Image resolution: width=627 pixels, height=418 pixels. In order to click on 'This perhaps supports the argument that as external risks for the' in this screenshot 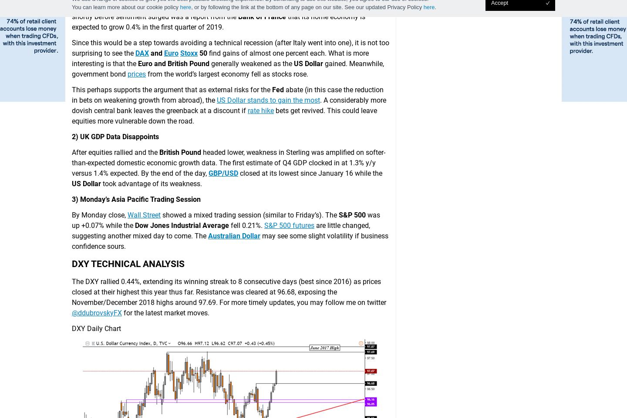, I will do `click(171, 89)`.